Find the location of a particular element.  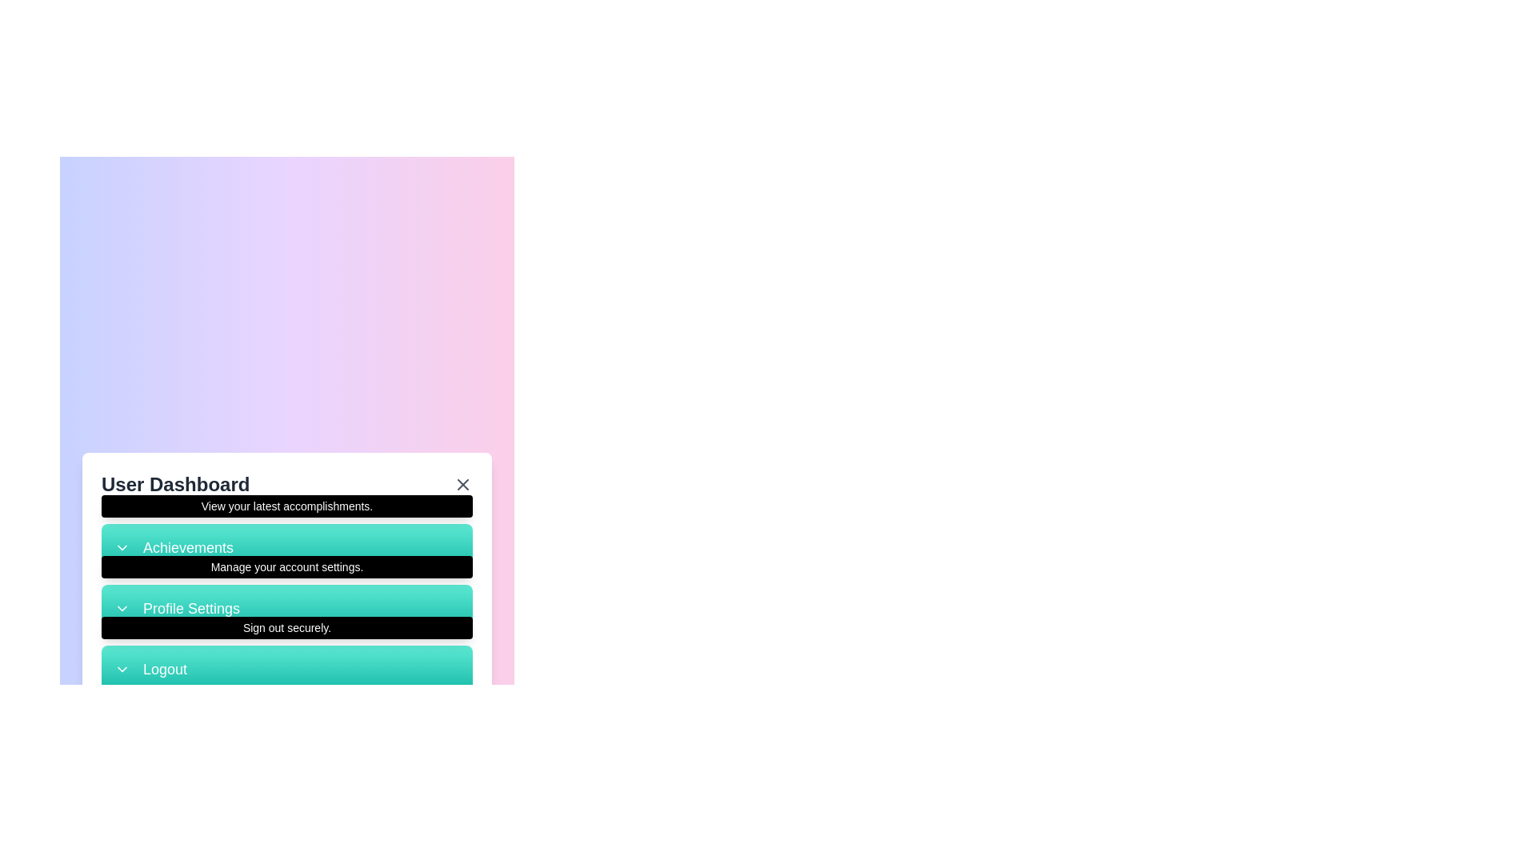

the tooltip with the text 'Sign out securely.' which appears above the 'Profile Settings' button is located at coordinates (287, 626).